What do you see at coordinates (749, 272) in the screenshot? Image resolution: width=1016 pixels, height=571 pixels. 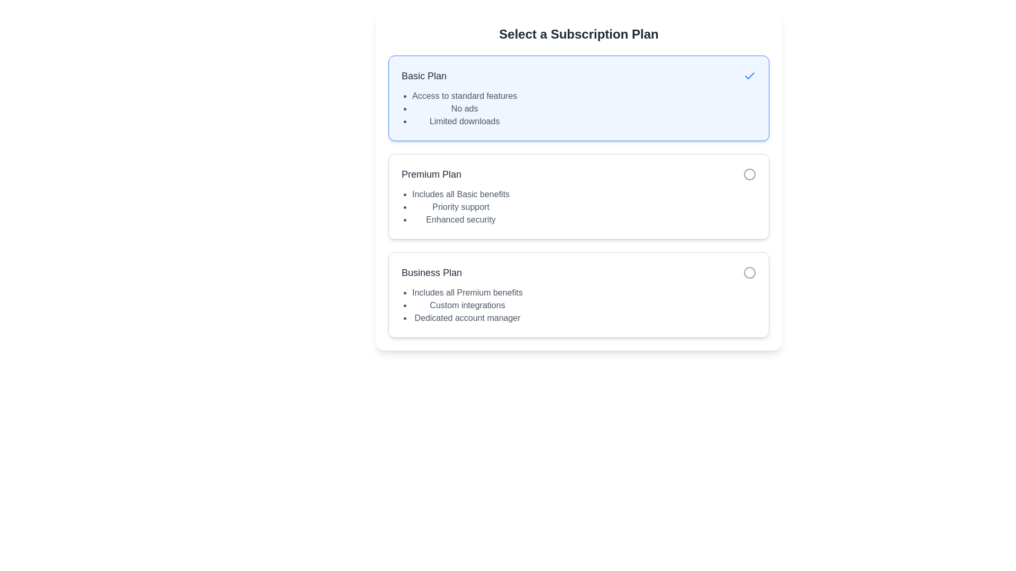 I see `the circular radio button in the Business Plan section` at bounding box center [749, 272].